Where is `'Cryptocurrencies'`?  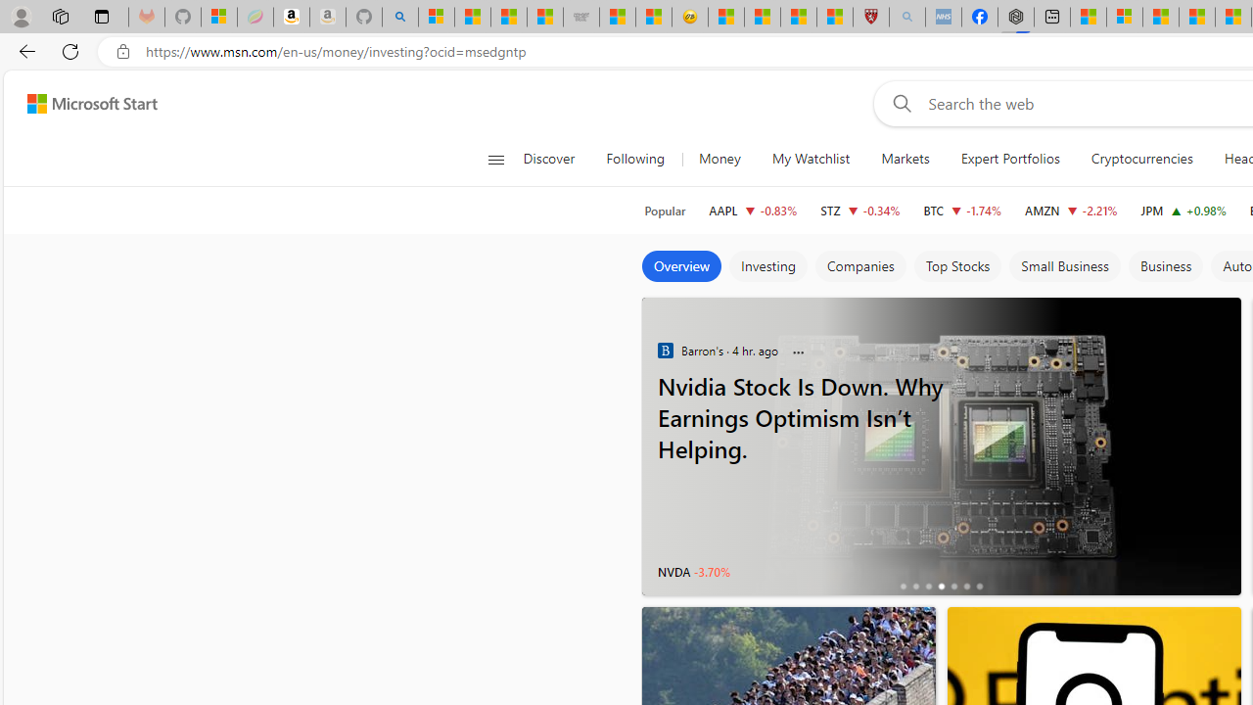 'Cryptocurrencies' is located at coordinates (1141, 159).